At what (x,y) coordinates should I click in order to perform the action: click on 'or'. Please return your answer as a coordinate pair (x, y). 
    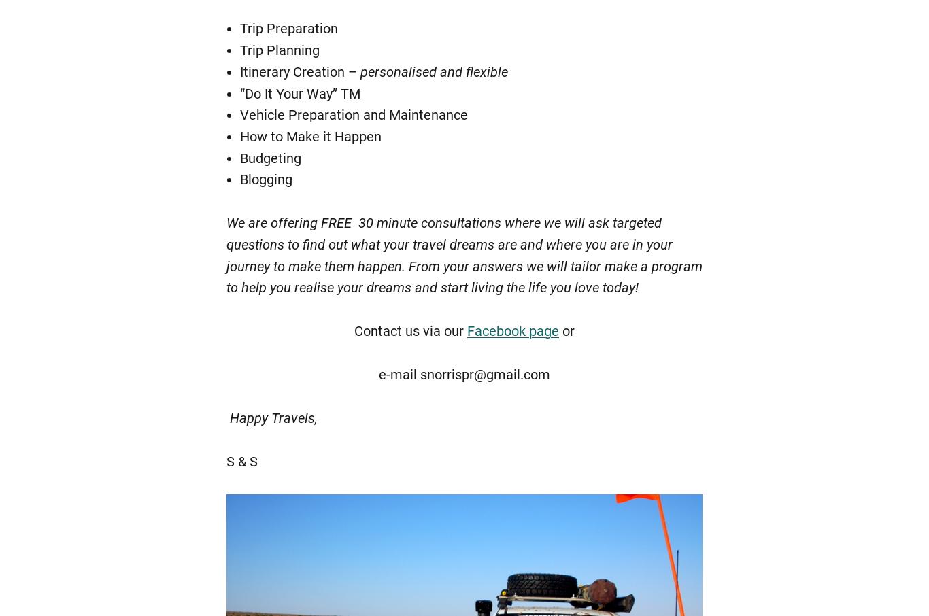
    Looking at the image, I should click on (566, 330).